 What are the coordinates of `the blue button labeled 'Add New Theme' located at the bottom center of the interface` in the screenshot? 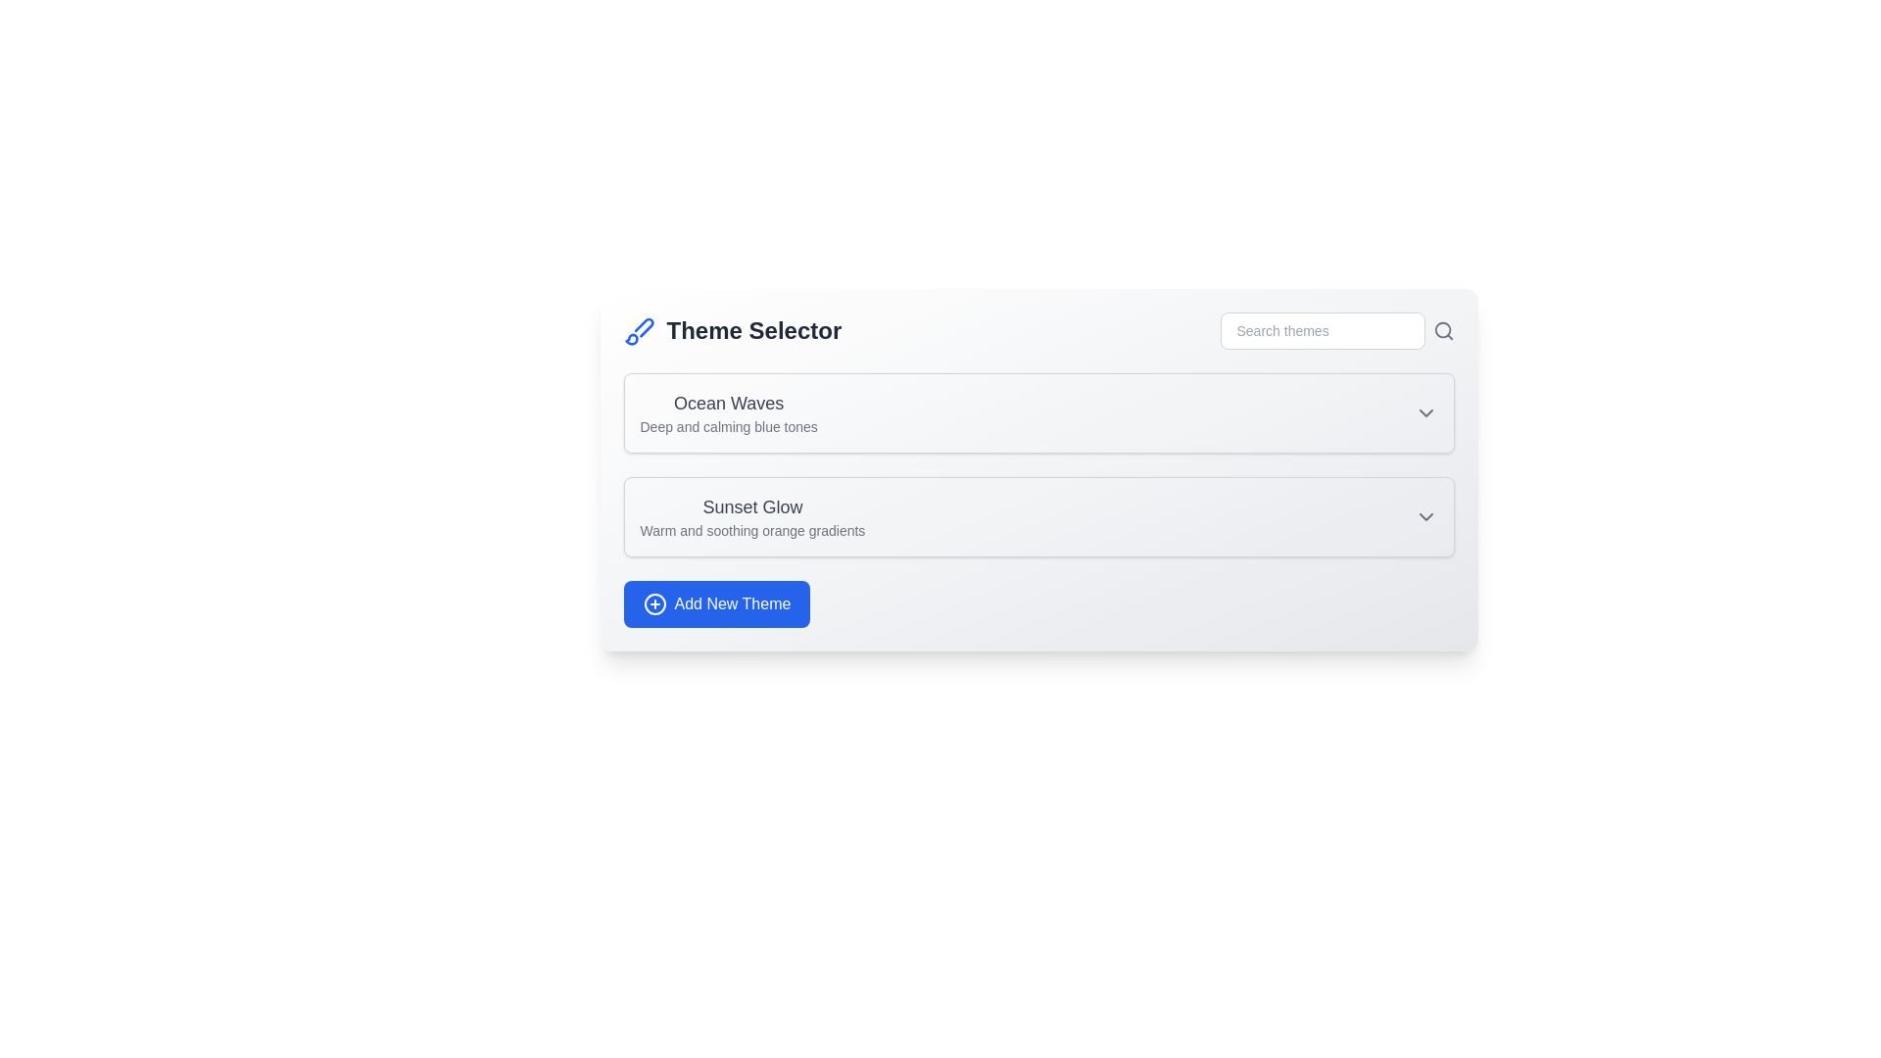 It's located at (732, 603).